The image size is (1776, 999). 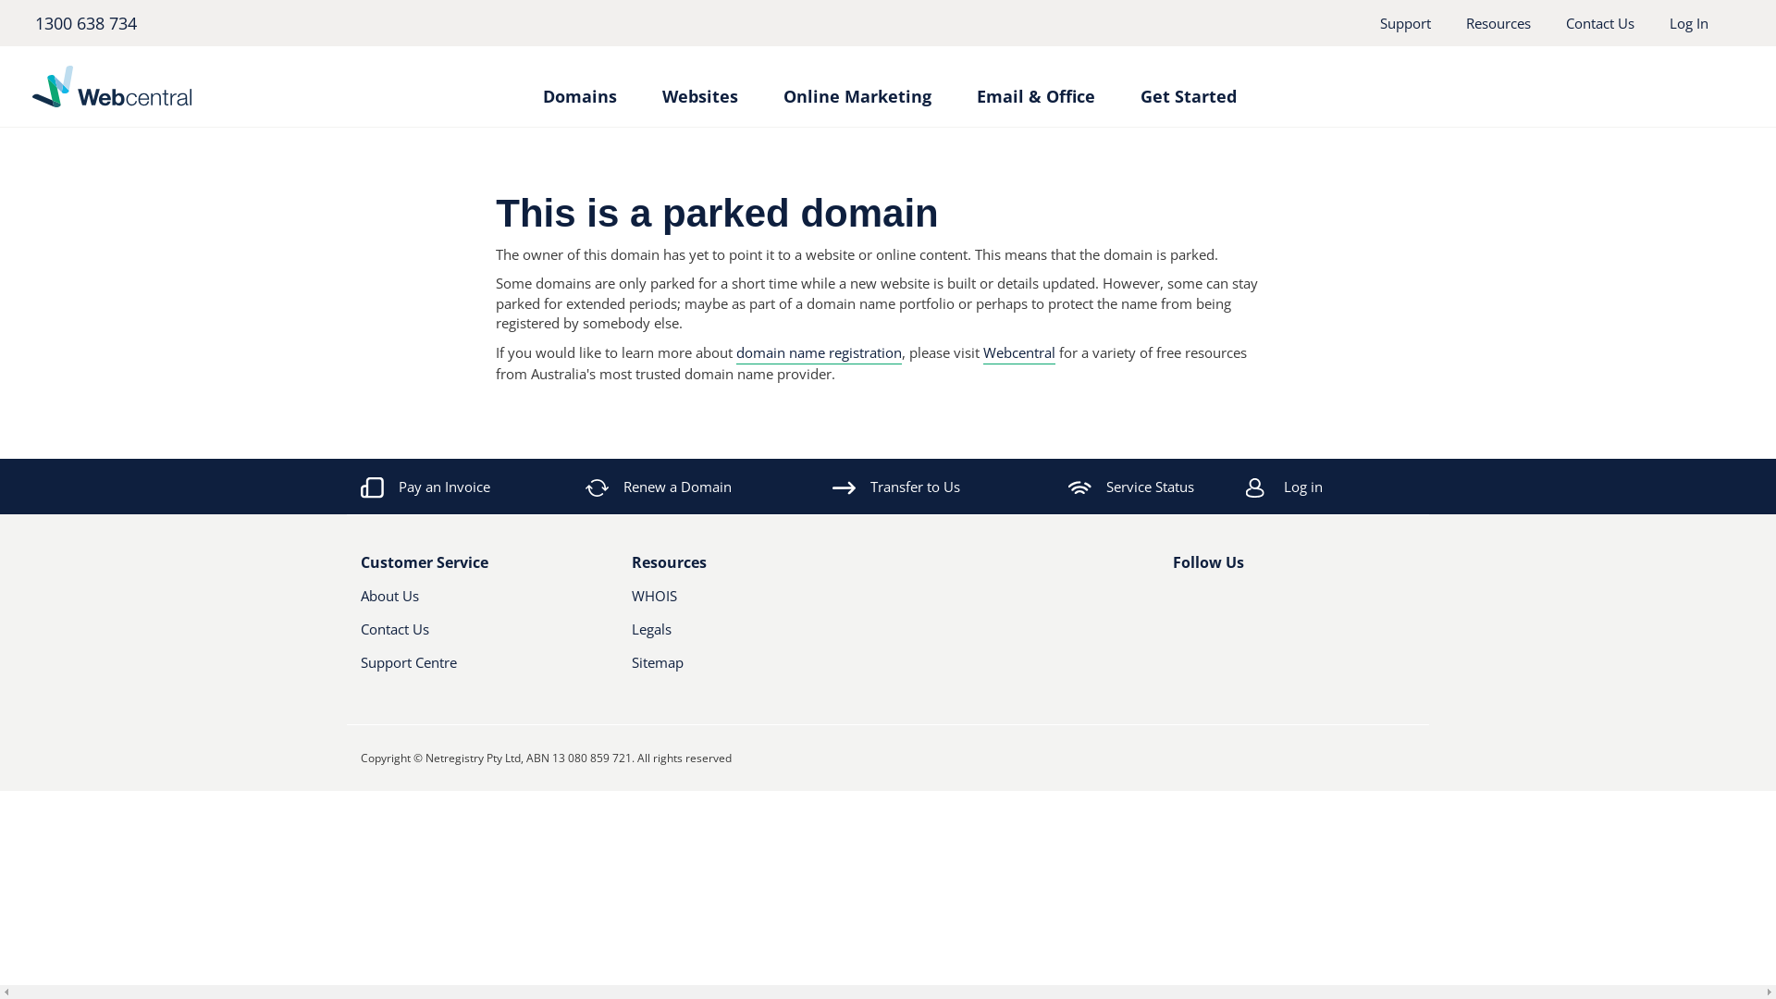 I want to click on 'Webcentral', so click(x=981, y=352).